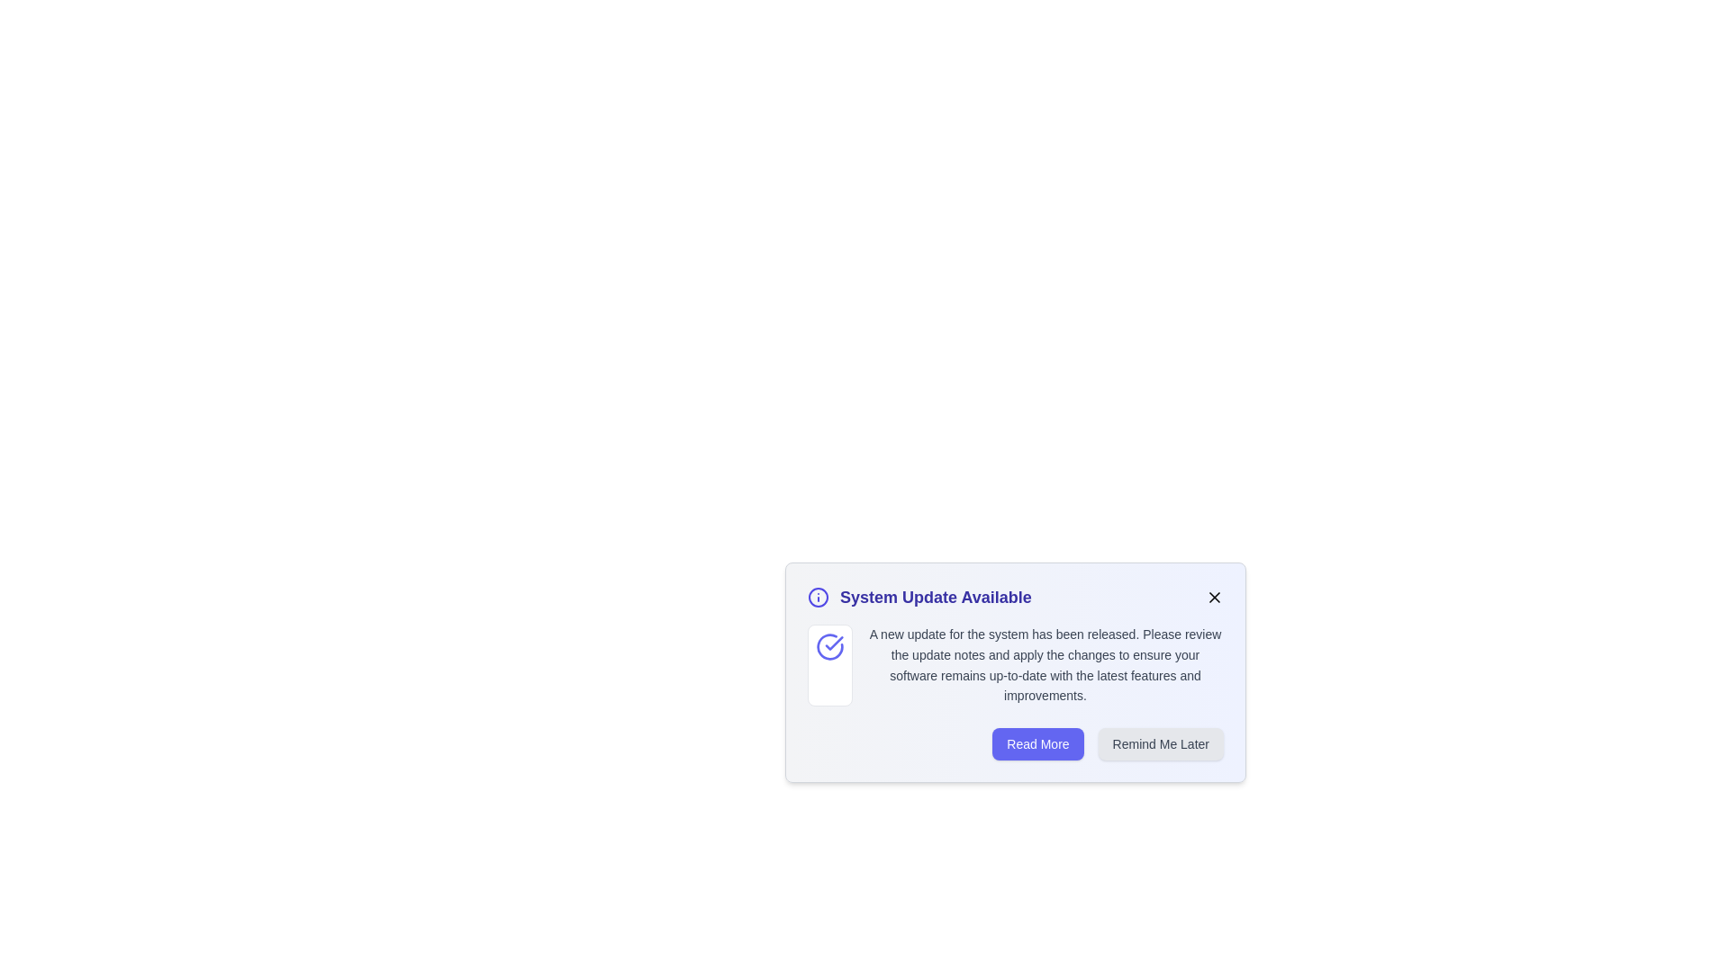  I want to click on 'Remind Me Later' button to dismiss the alert, so click(1161, 743).